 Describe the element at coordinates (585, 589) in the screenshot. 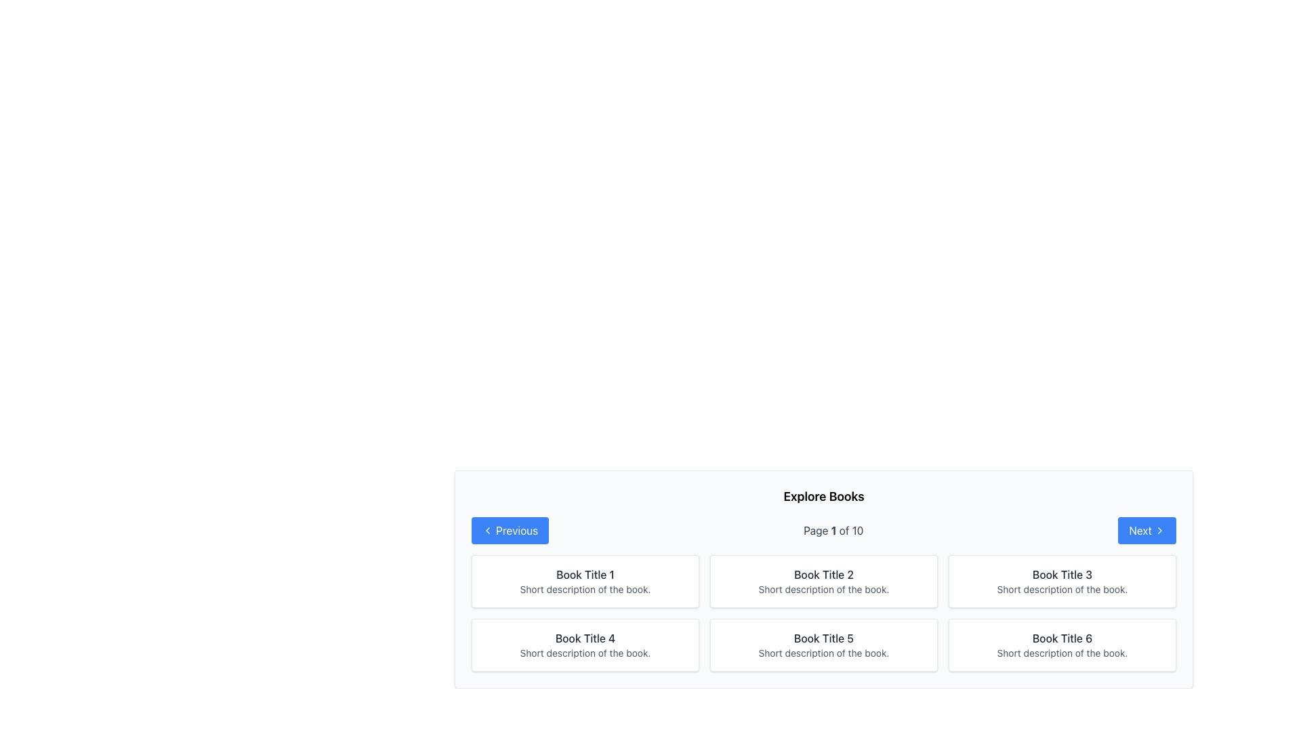

I see `information displayed in the text label located directly beneath 'Book Title 1' in the first rectangular card in the top-left corner of the grid layout` at that location.